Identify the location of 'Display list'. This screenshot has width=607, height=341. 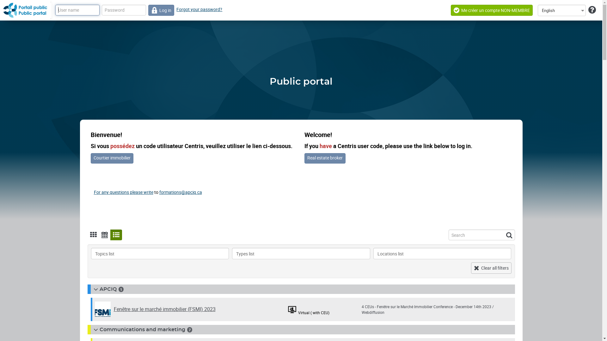
(116, 235).